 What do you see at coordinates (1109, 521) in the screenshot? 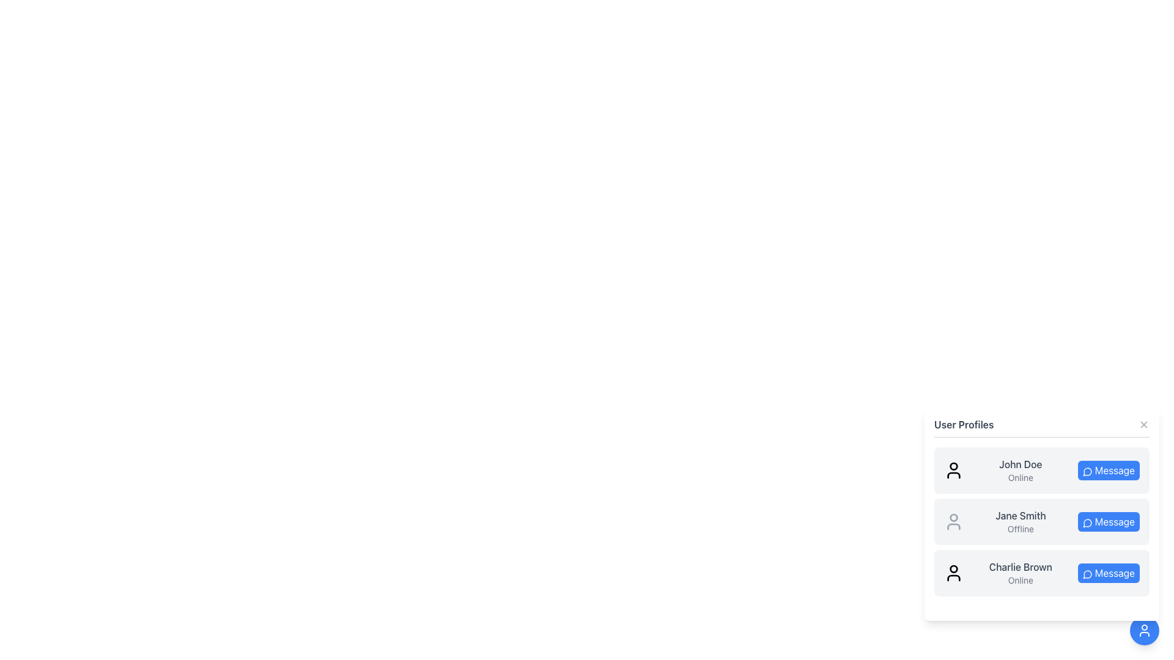
I see `the blue 'Message' button with white text and a message bubble icon, located in the bottom-right corner of Jane Smith's profile card` at bounding box center [1109, 521].